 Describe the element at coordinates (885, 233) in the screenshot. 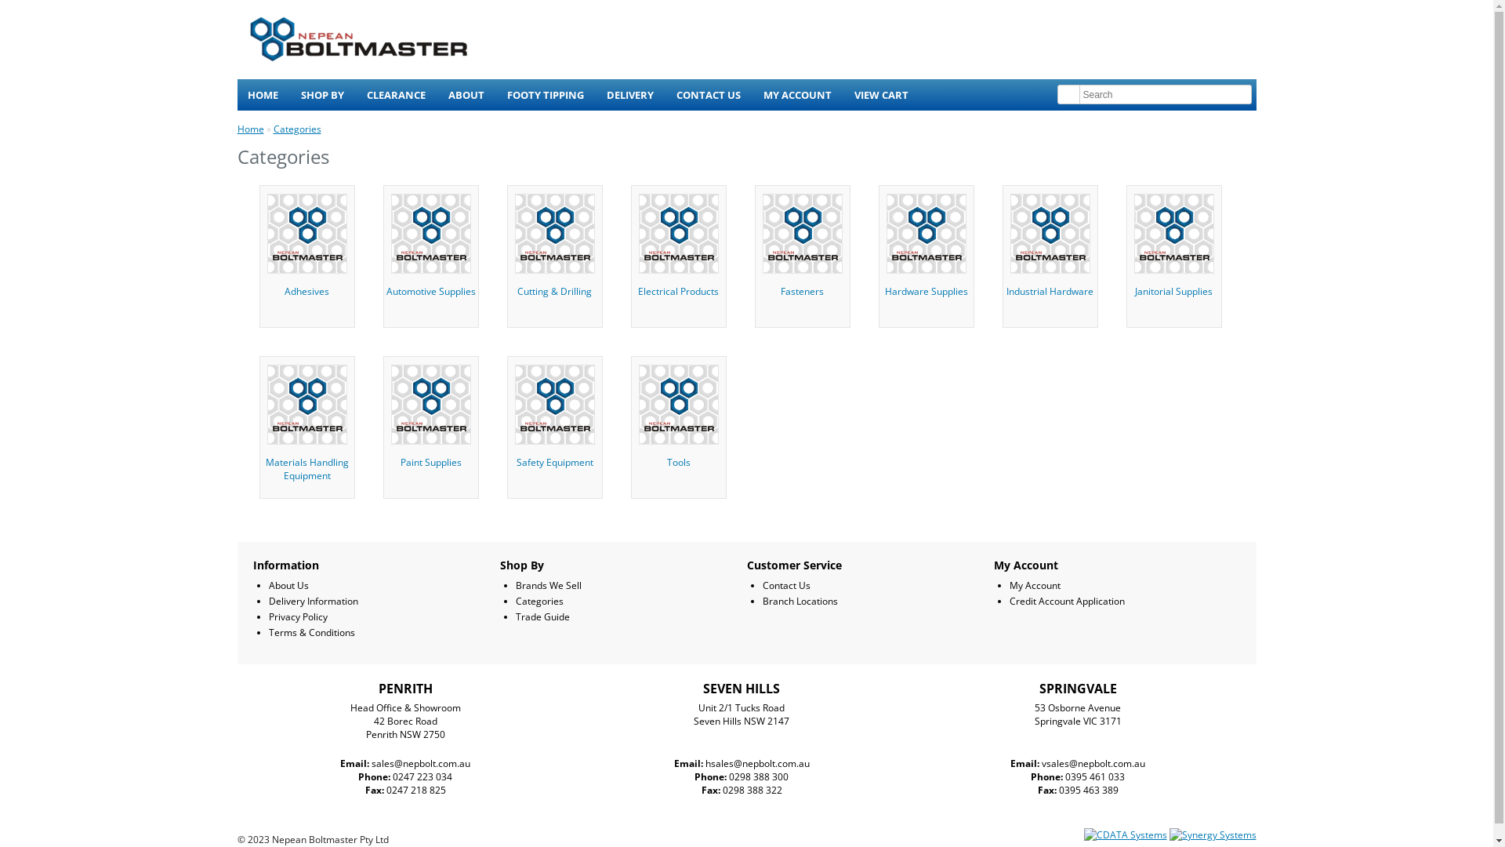

I see `'HARDWARE SUPPLIES'` at that location.